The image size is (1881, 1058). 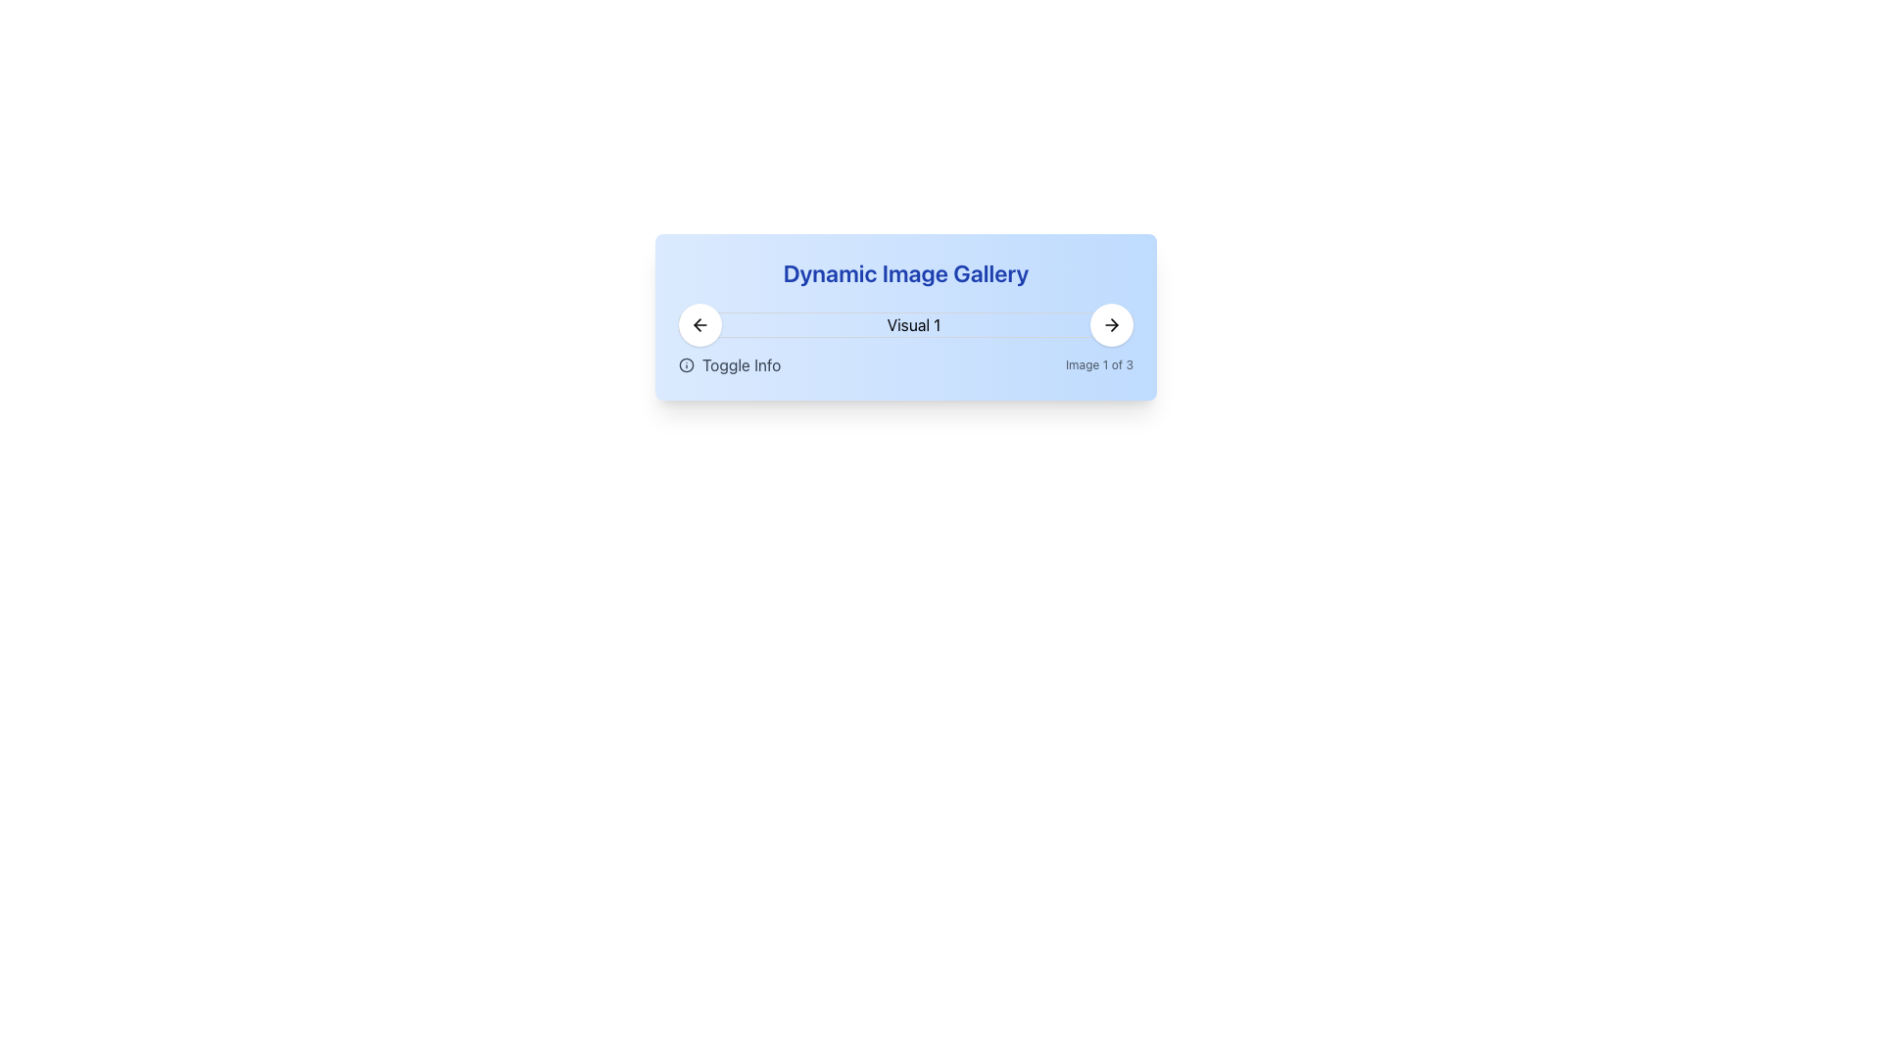 I want to click on the image placeholder in the Dynamic Image Gallery, so click(x=905, y=323).